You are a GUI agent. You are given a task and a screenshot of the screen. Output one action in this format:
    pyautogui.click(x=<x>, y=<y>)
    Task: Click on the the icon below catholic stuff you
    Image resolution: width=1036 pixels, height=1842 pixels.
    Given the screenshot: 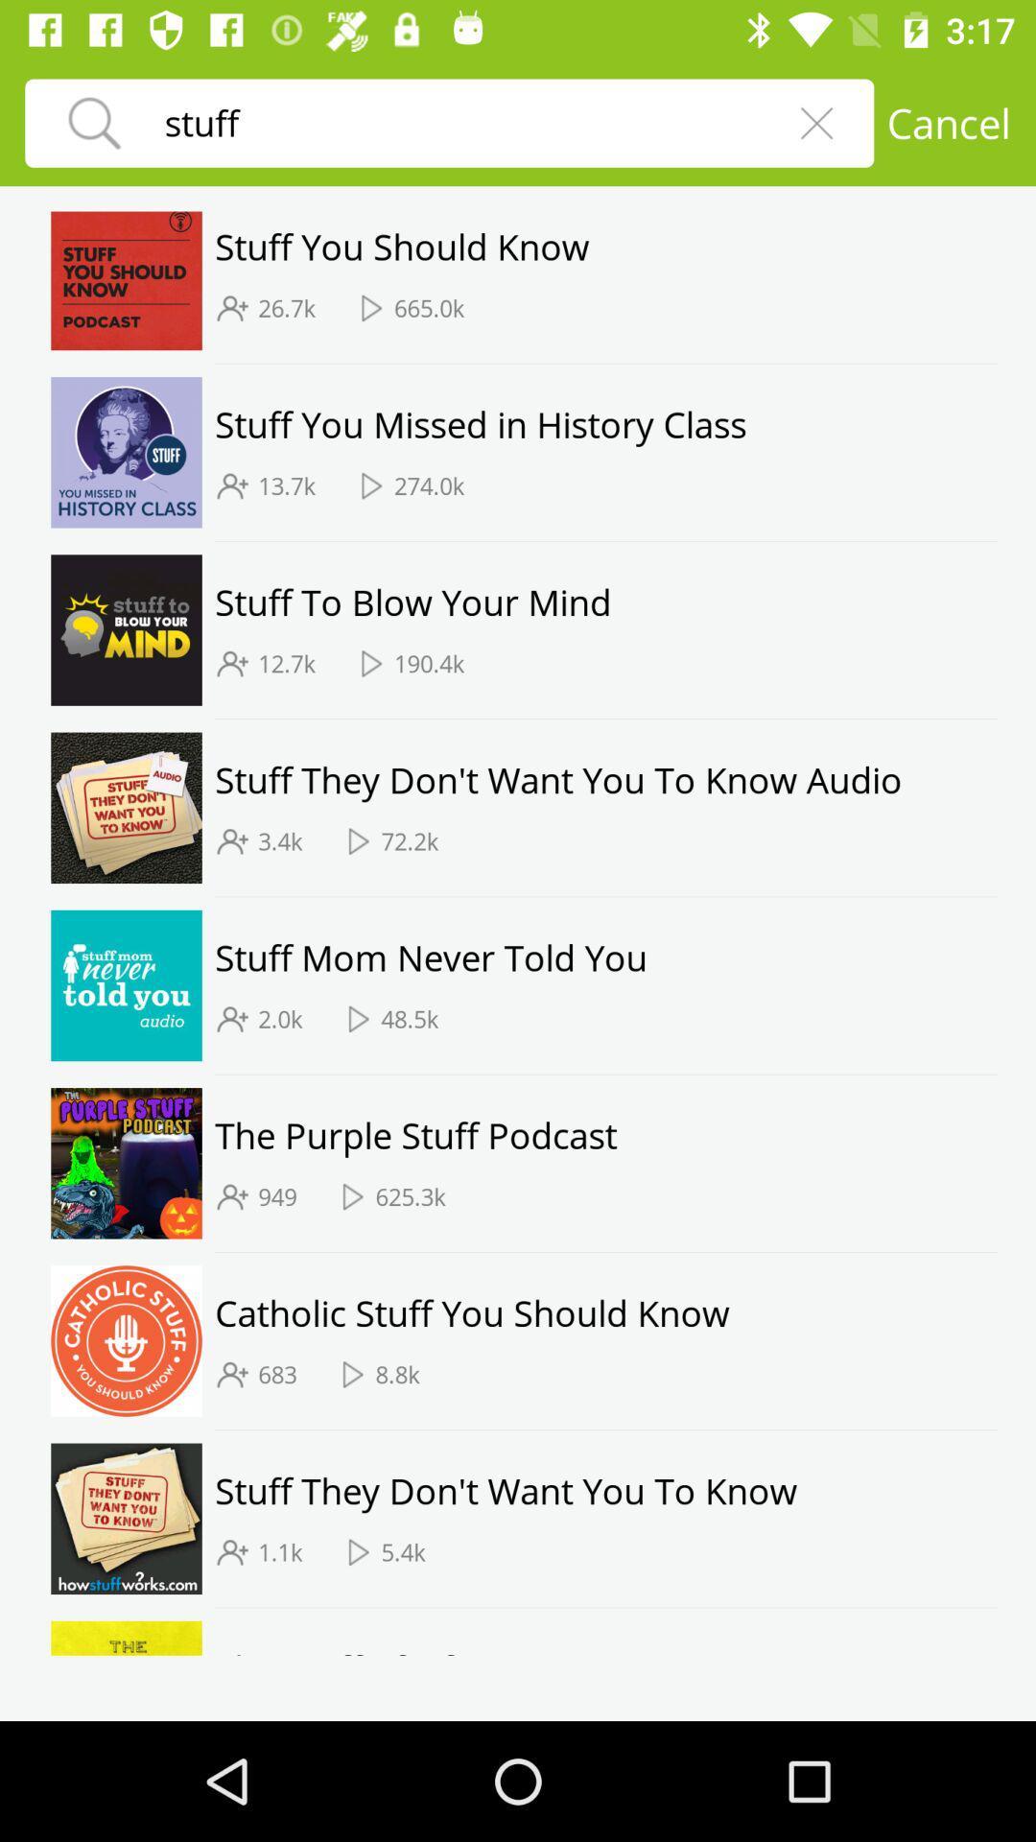 What is the action you would take?
    pyautogui.click(x=396, y=1373)
    